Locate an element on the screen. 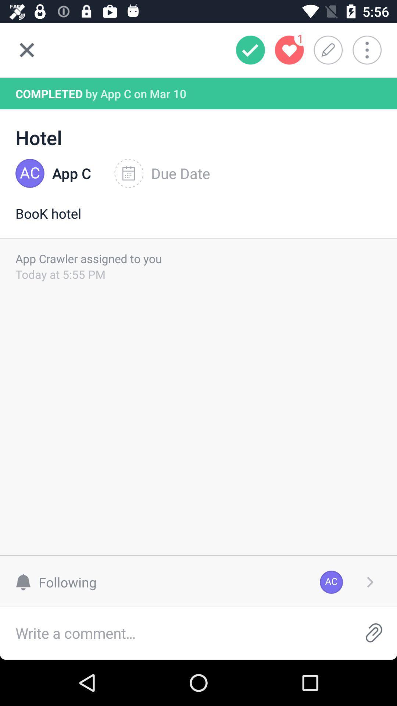 The height and width of the screenshot is (706, 397). edit to-do is located at coordinates (330, 50).